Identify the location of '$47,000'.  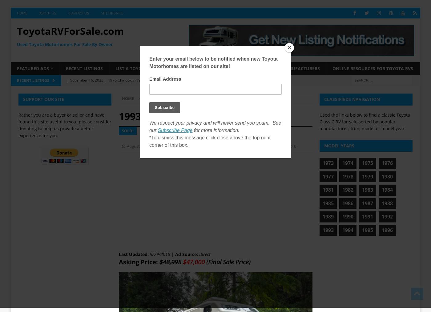
(194, 261).